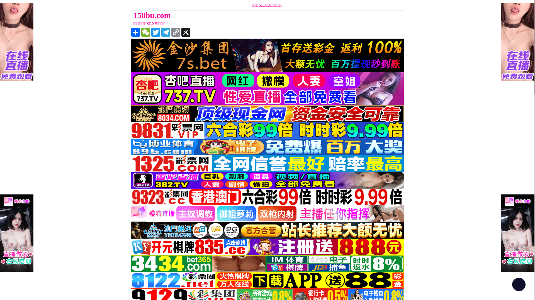 This screenshot has width=535, height=300. I want to click on 'X', so click(186, 32).